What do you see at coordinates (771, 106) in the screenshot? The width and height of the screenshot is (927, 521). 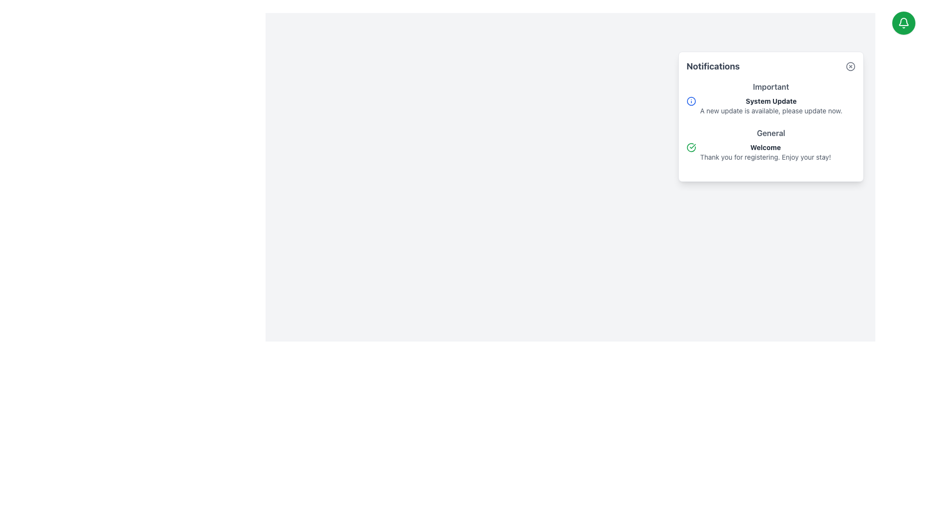 I see `the notification message with bold text 'System Update' located in the 'Important' section of the notification panel` at bounding box center [771, 106].